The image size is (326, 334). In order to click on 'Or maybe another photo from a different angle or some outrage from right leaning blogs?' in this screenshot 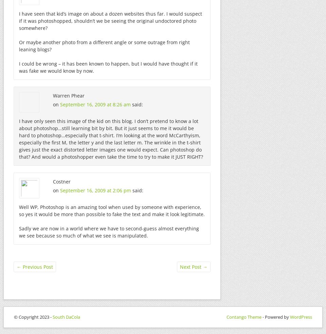, I will do `click(104, 45)`.